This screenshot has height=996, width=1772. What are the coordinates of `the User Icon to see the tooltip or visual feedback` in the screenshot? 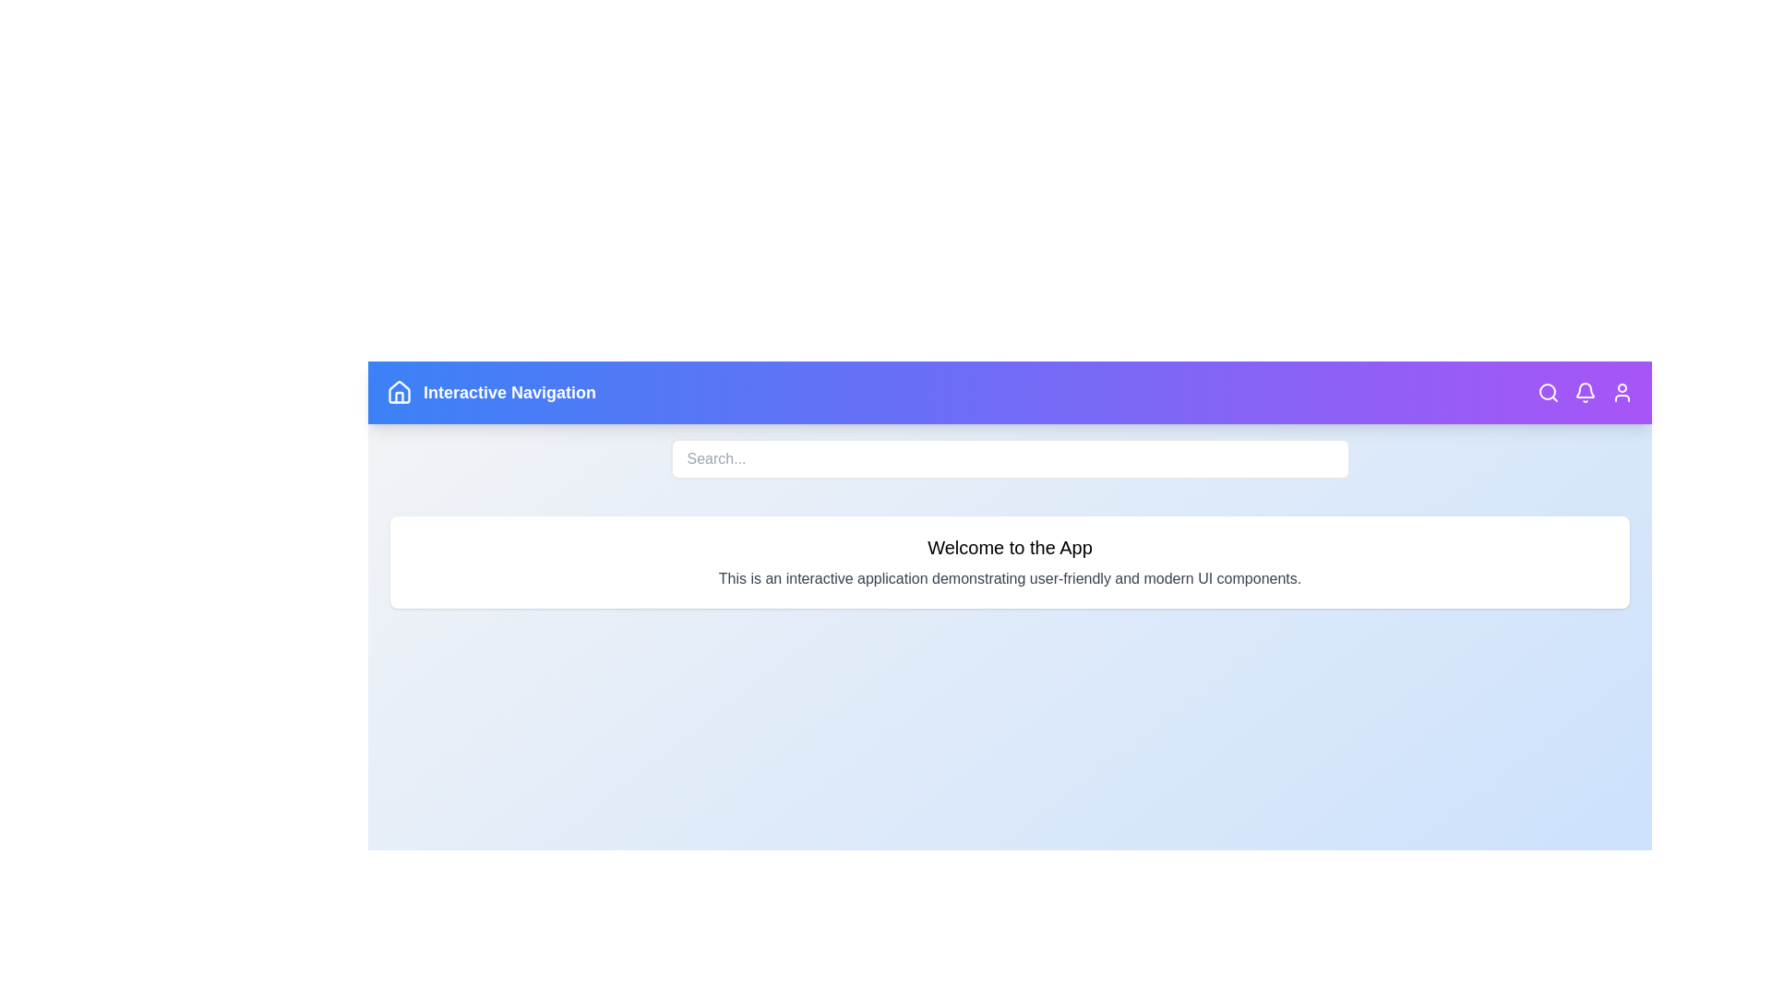 It's located at (1621, 391).